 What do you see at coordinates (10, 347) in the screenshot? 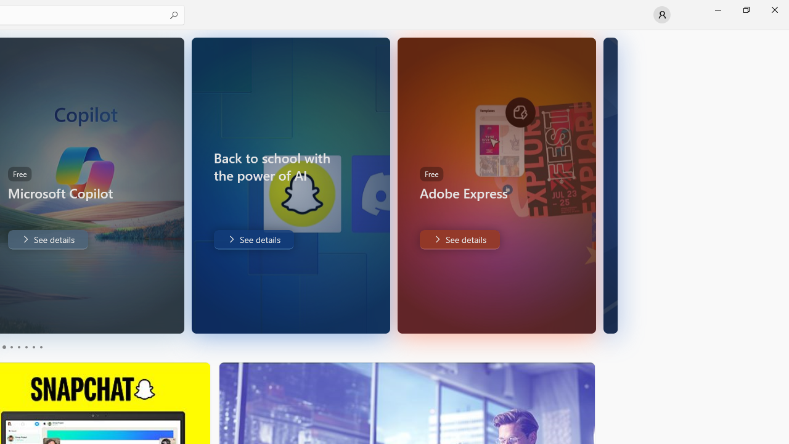
I see `'Page 2'` at bounding box center [10, 347].